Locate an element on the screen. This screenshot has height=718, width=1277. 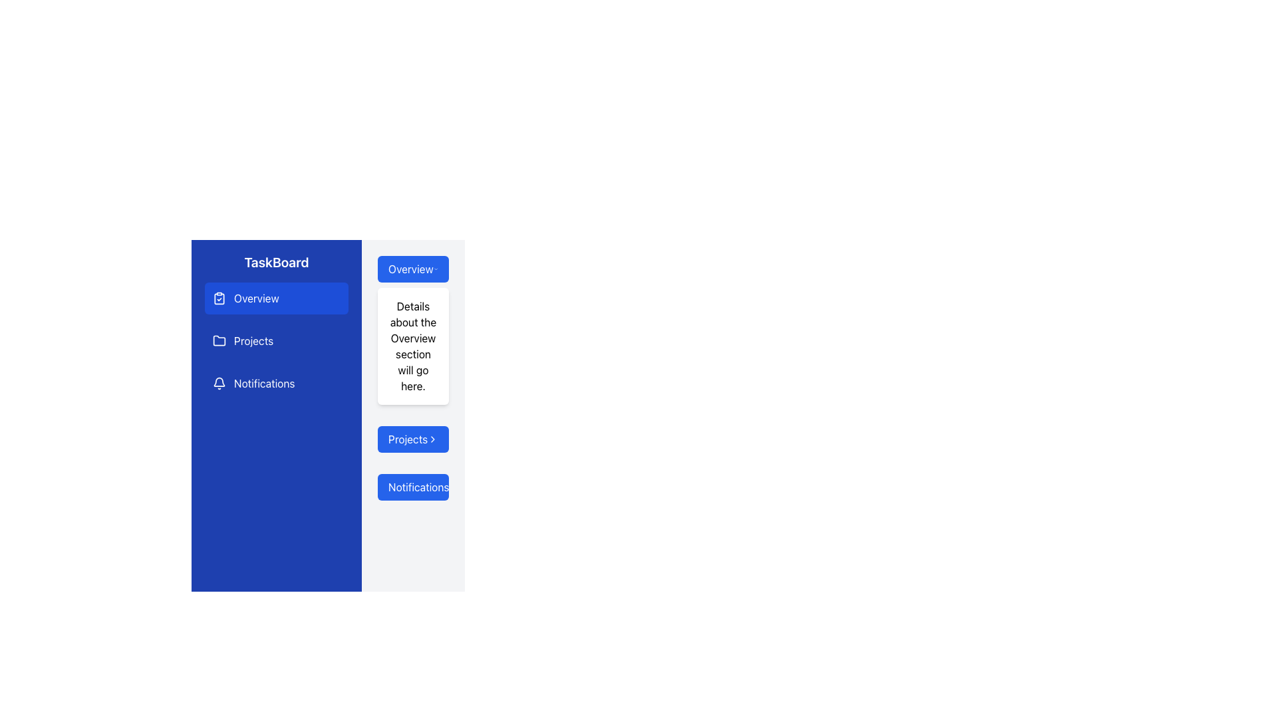
the right-pointing chevron icon with a white outline on a blue background, located to the right of the 'Projects' label is located at coordinates (433, 439).